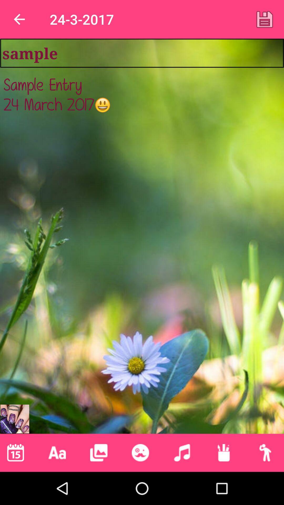  What do you see at coordinates (15, 452) in the screenshot?
I see `calender option` at bounding box center [15, 452].